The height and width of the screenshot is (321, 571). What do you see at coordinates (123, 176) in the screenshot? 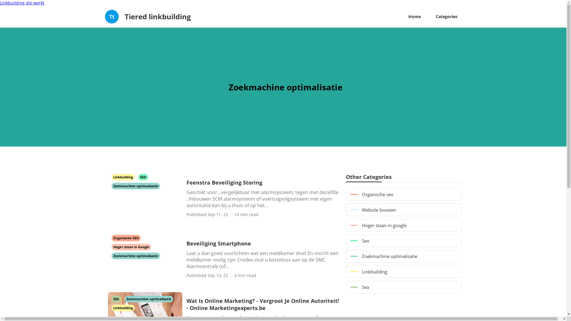
I see `'Linkbuilding'` at bounding box center [123, 176].